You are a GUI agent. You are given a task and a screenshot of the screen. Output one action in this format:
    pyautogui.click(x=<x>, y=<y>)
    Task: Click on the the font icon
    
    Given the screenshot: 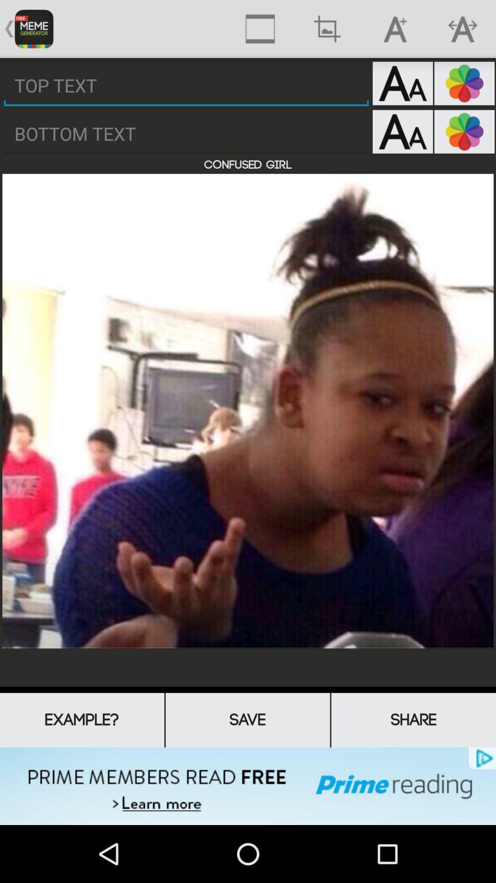 What is the action you would take?
    pyautogui.click(x=402, y=140)
    